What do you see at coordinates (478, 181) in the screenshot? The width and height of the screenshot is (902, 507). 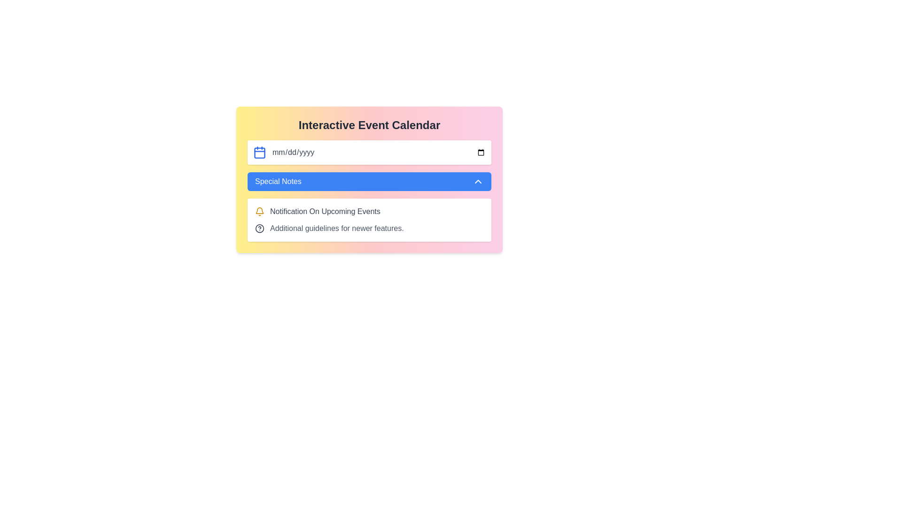 I see `the chevron icon indicating the collapsible 'Special Notes' section` at bounding box center [478, 181].